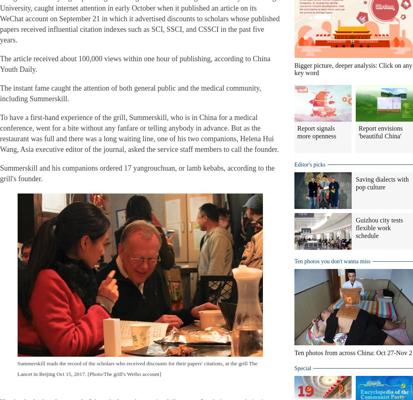 The image size is (413, 400). What do you see at coordinates (130, 93) in the screenshot?
I see `'The instant fame caught the attention of both general public and the medical community, including Summerskill.'` at bounding box center [130, 93].